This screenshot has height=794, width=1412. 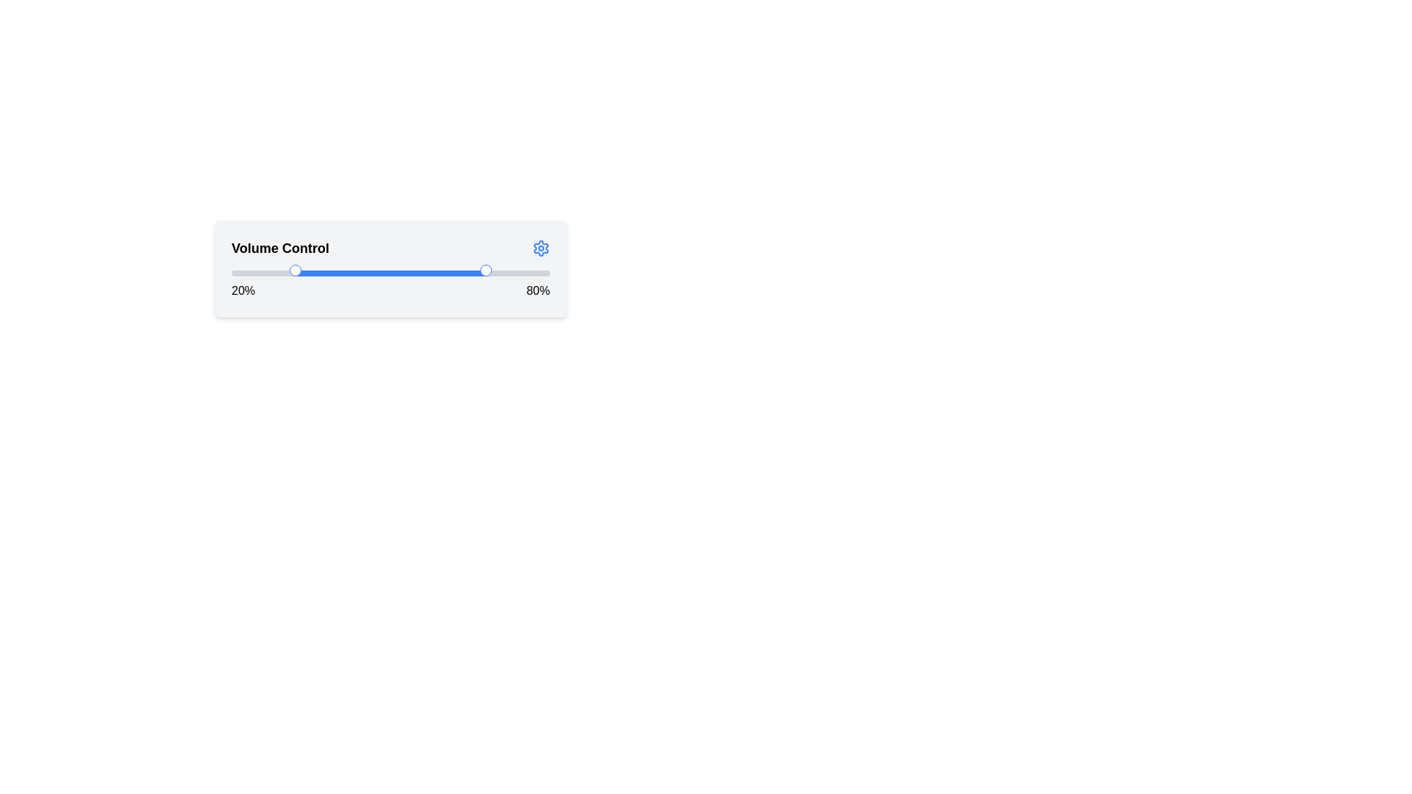 What do you see at coordinates (294, 270) in the screenshot?
I see `the circular slider indicator with a white fill and blue border, positioned near the left side of the slider track, aligning with the 20% mark` at bounding box center [294, 270].